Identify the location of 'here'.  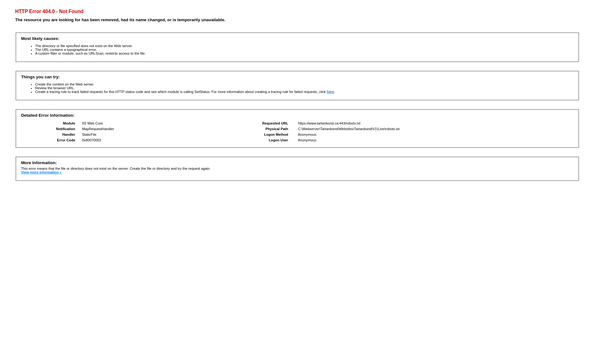
(330, 91).